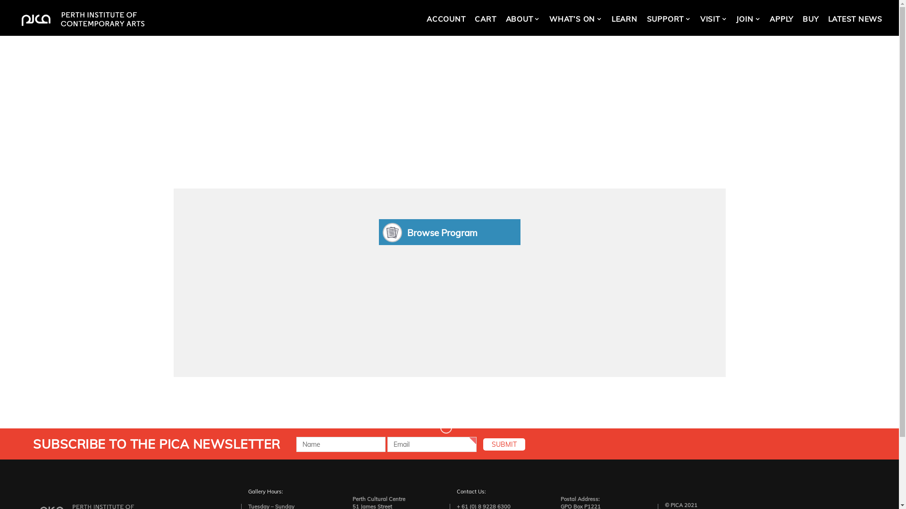  What do you see at coordinates (624, 19) in the screenshot?
I see `'LEARN'` at bounding box center [624, 19].